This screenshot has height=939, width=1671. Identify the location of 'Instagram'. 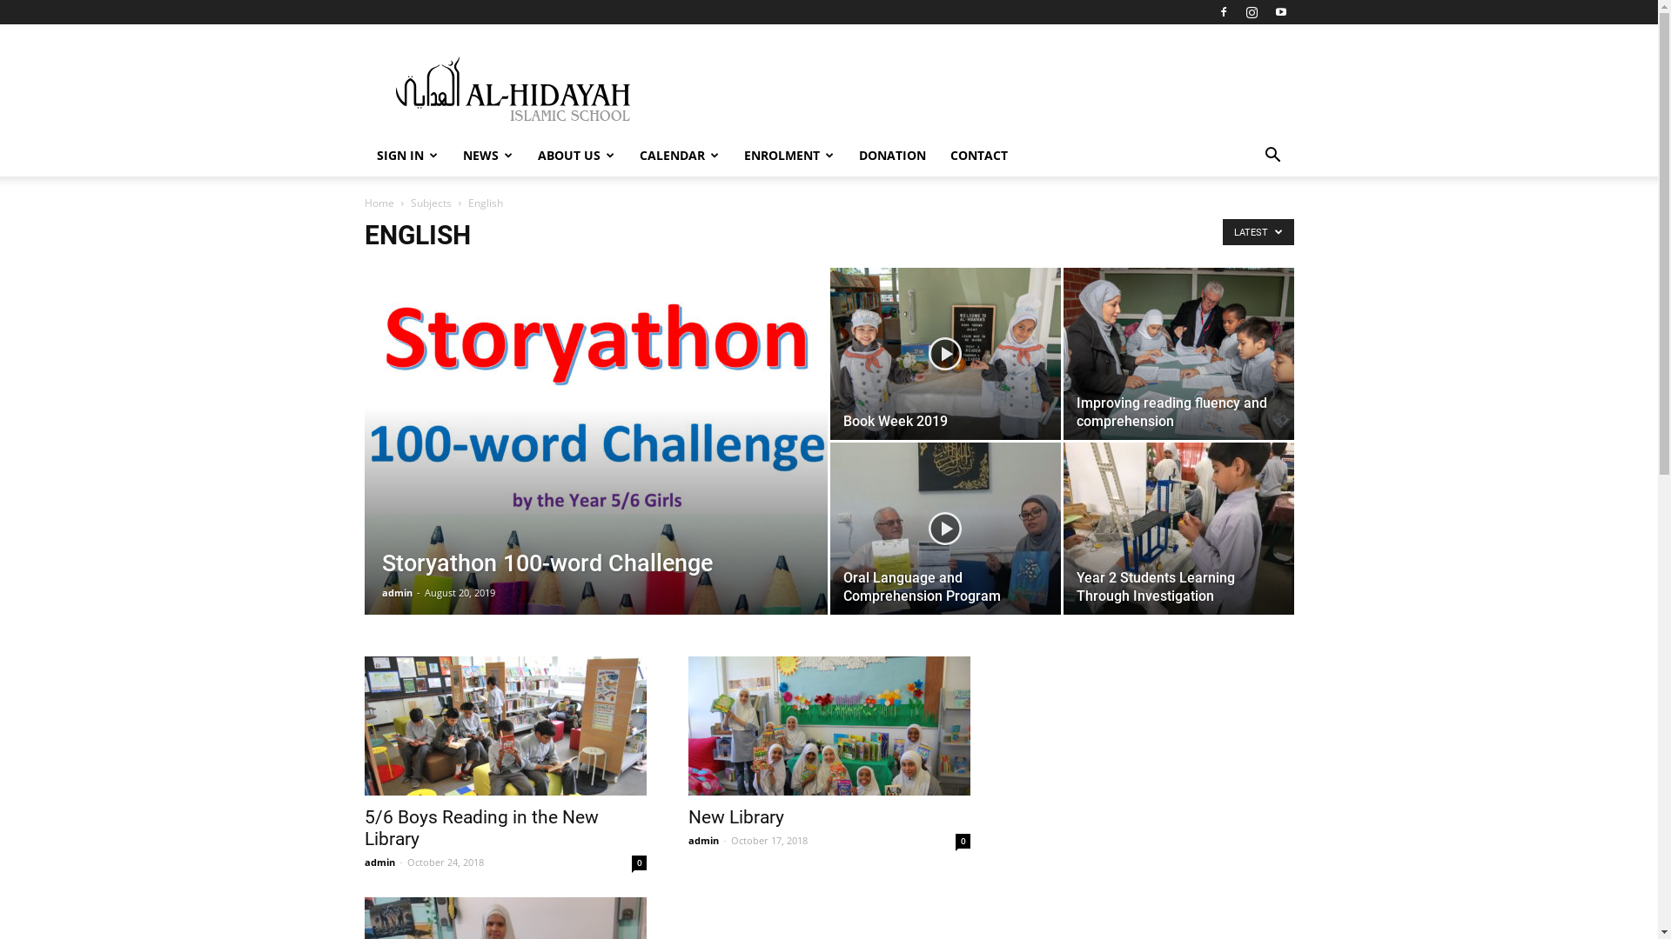
(1252, 12).